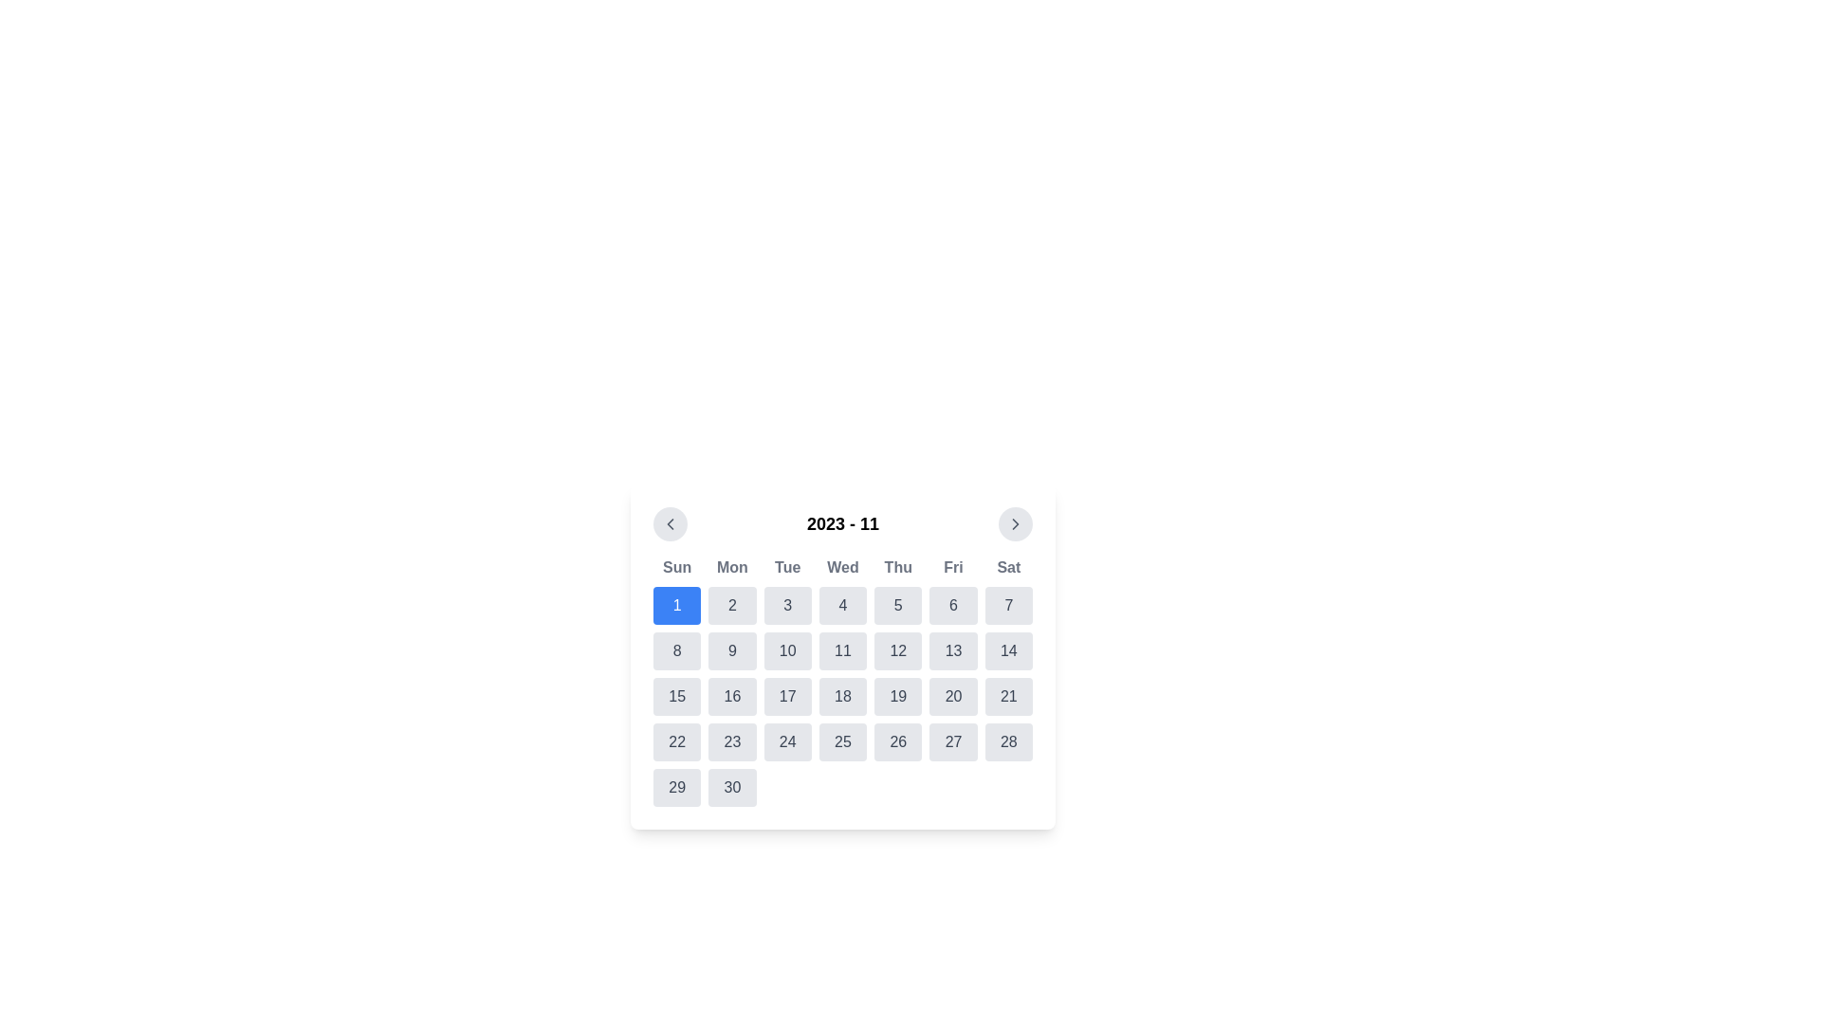 The height and width of the screenshot is (1024, 1821). Describe the element at coordinates (897, 649) in the screenshot. I see `the rectangular button displaying the number '12' with a light gray background` at that location.